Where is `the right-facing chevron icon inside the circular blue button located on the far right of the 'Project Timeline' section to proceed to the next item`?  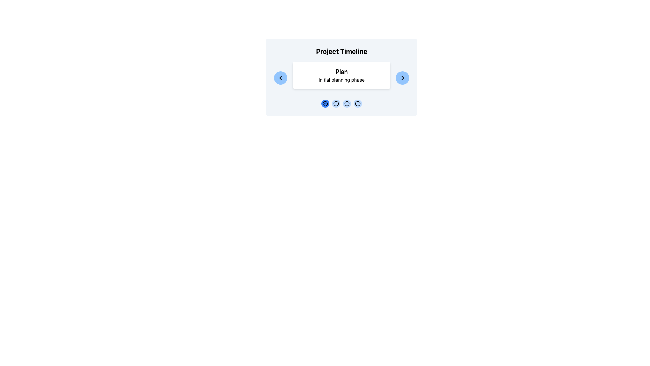
the right-facing chevron icon inside the circular blue button located on the far right of the 'Project Timeline' section to proceed to the next item is located at coordinates (403, 78).